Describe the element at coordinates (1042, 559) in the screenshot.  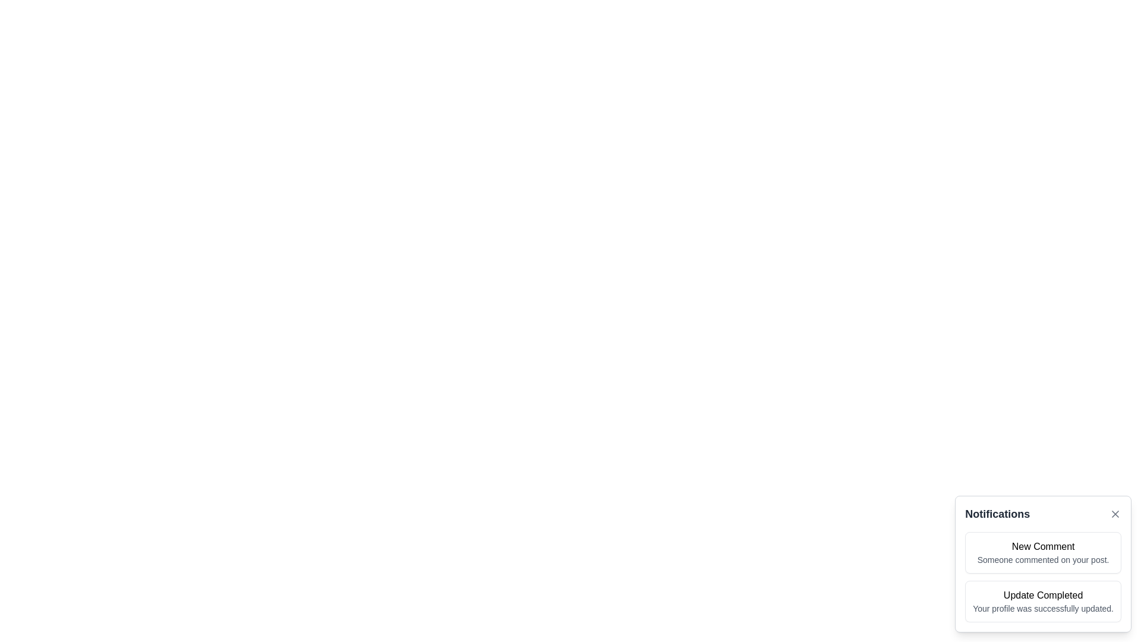
I see `notification description from the text label that reads 'Someone commented on your post.' located below 'New Comment' in the notification card` at that location.